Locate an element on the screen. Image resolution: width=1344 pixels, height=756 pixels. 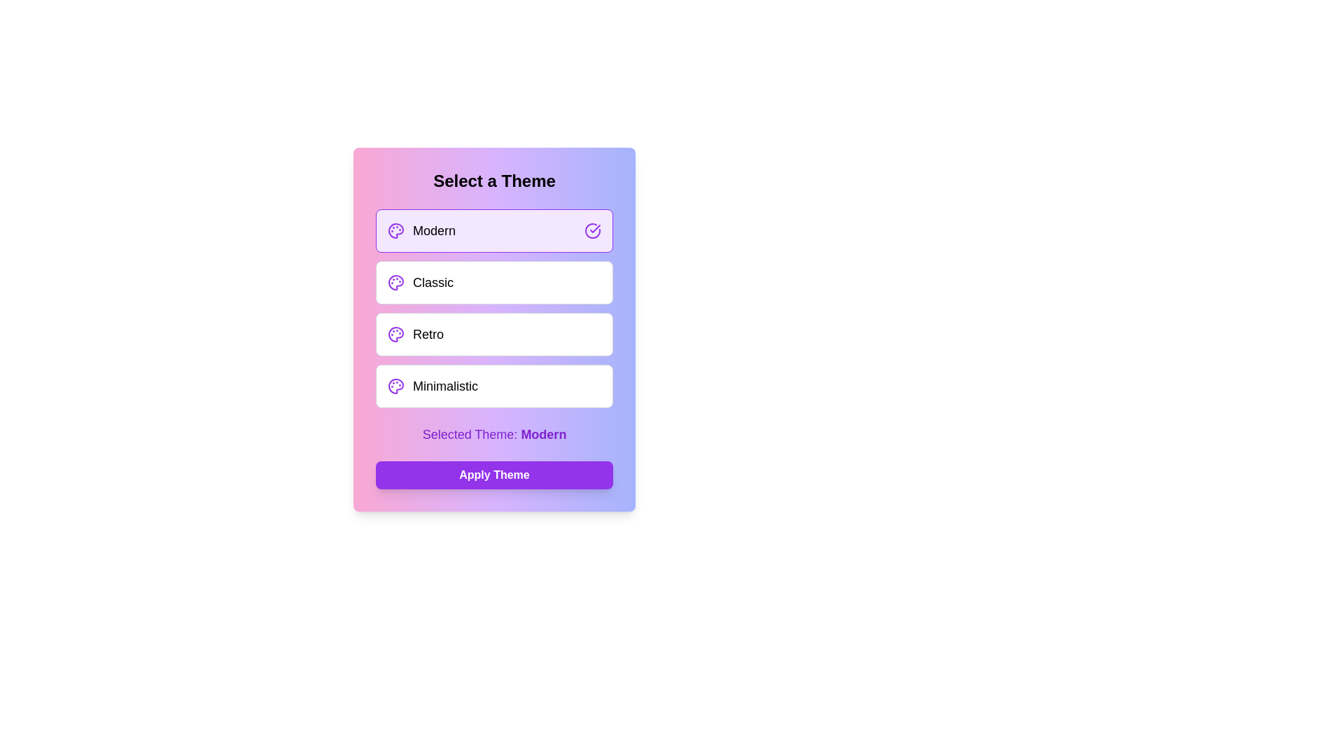
the text element displaying 'Modern' in bold purple font, located under the label 'Selected Theme:' is located at coordinates (542, 434).